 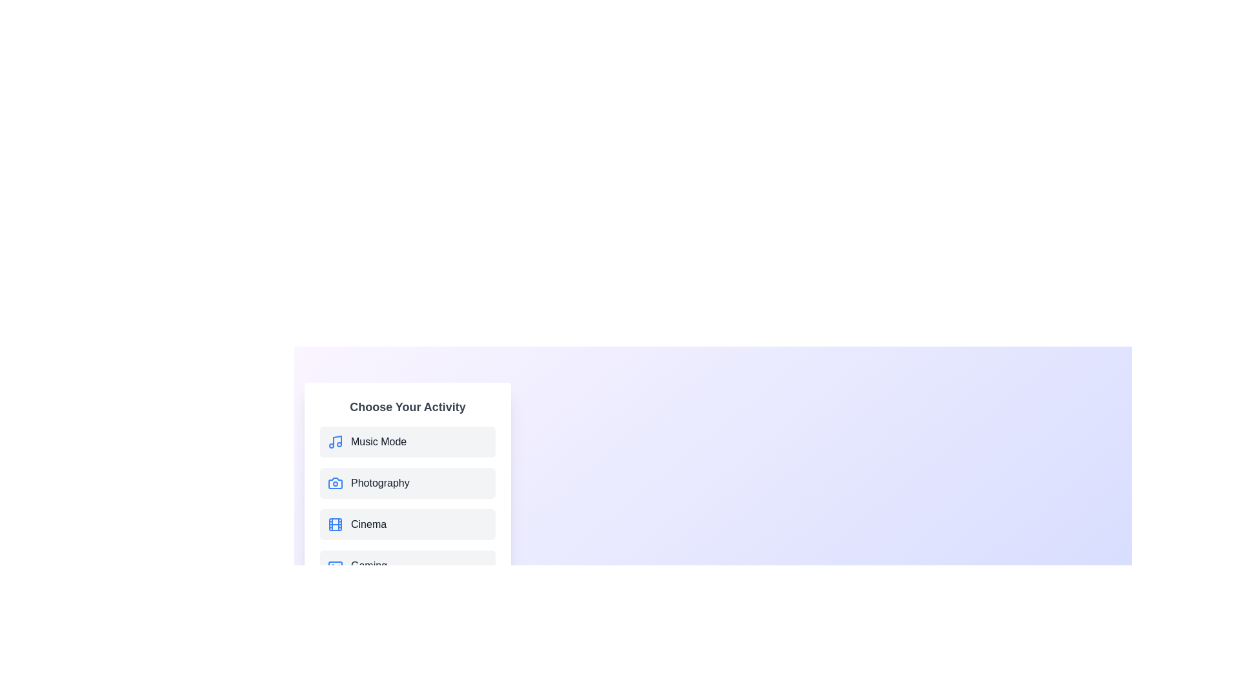 I want to click on the menu item labeled Music Mode to observe its hover effect, so click(x=407, y=441).